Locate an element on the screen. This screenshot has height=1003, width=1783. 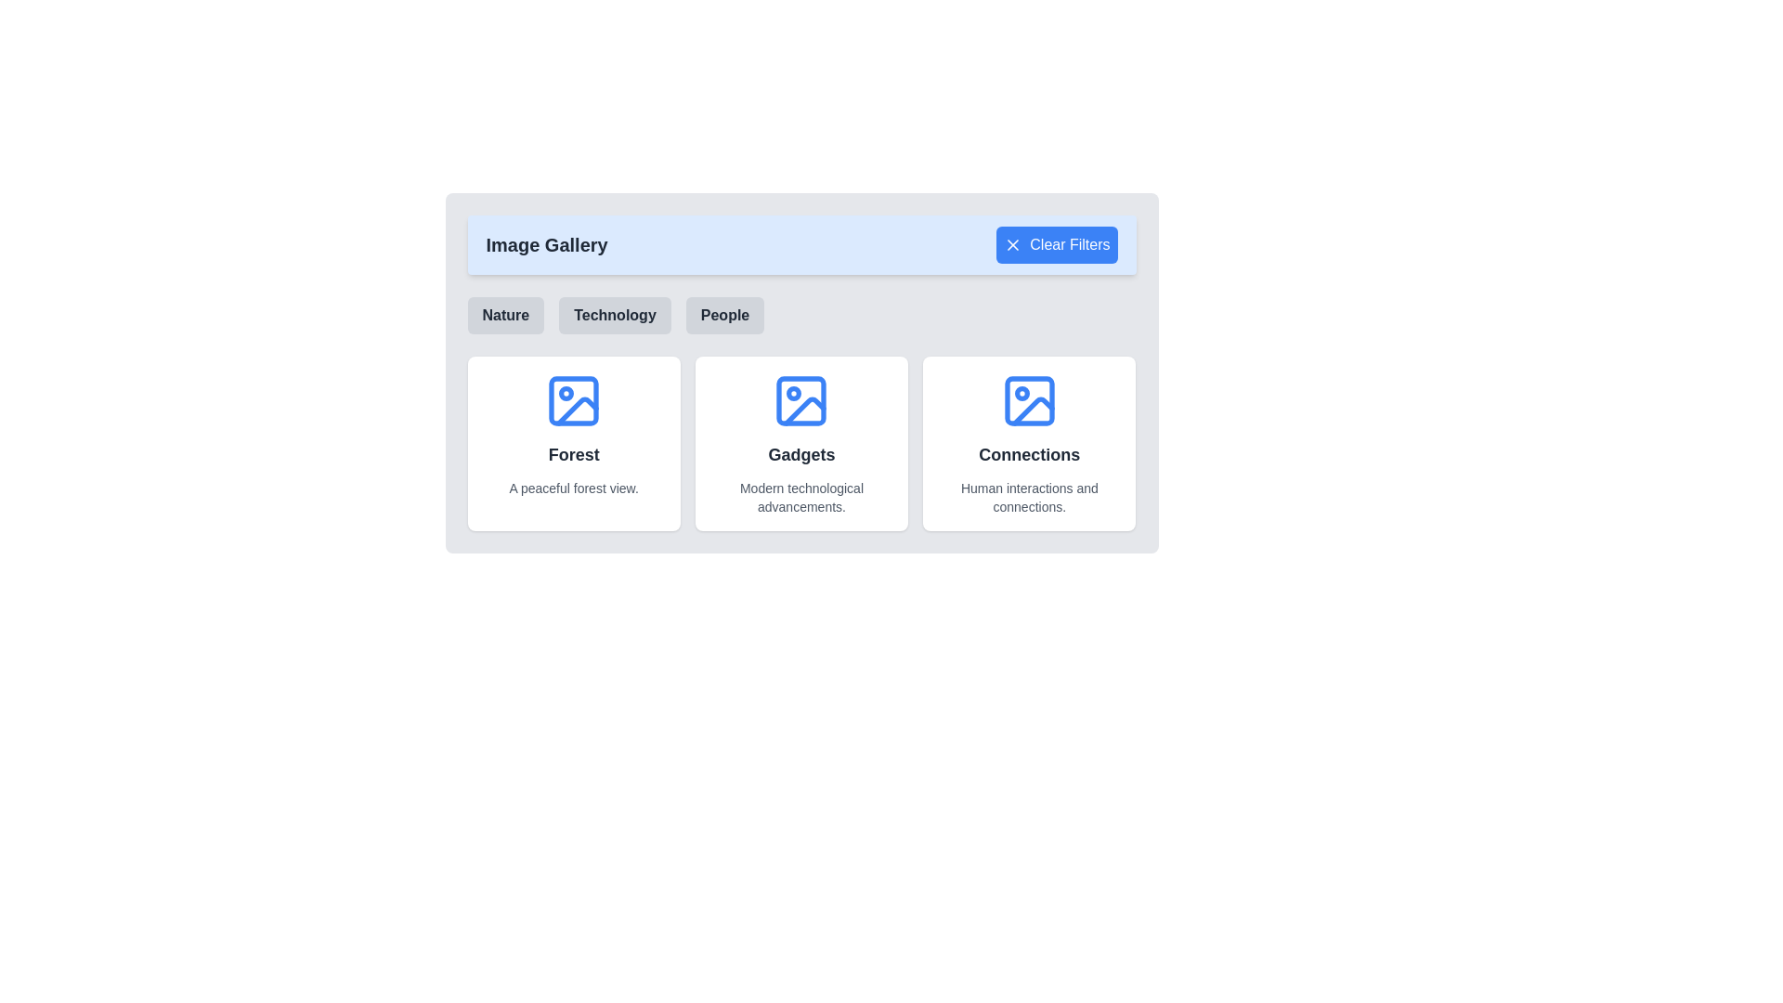
the Grid layout displaying categorized items beneath the 'Image Gallery' header is located at coordinates (801, 444).